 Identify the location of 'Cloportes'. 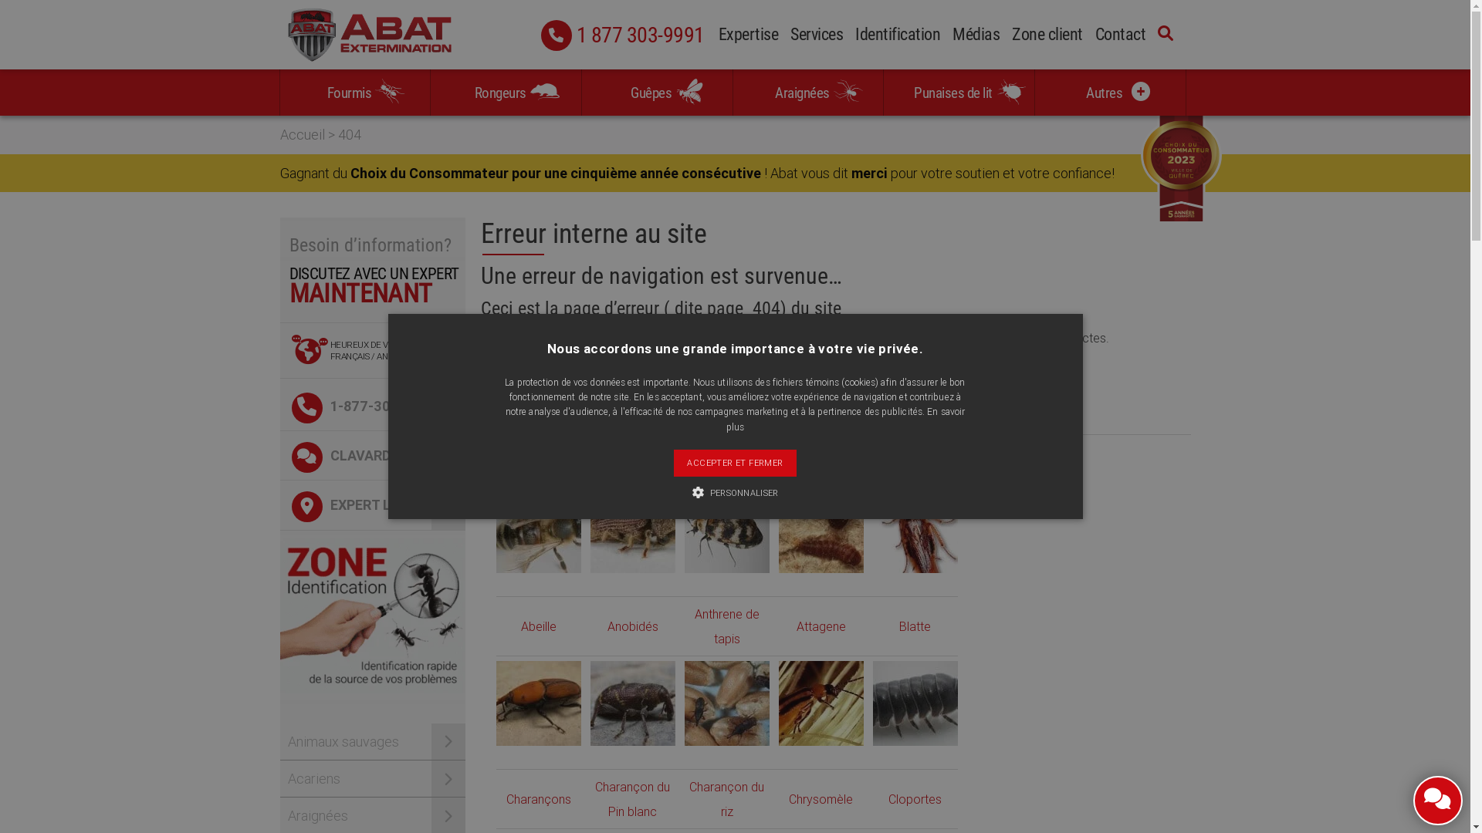
(915, 798).